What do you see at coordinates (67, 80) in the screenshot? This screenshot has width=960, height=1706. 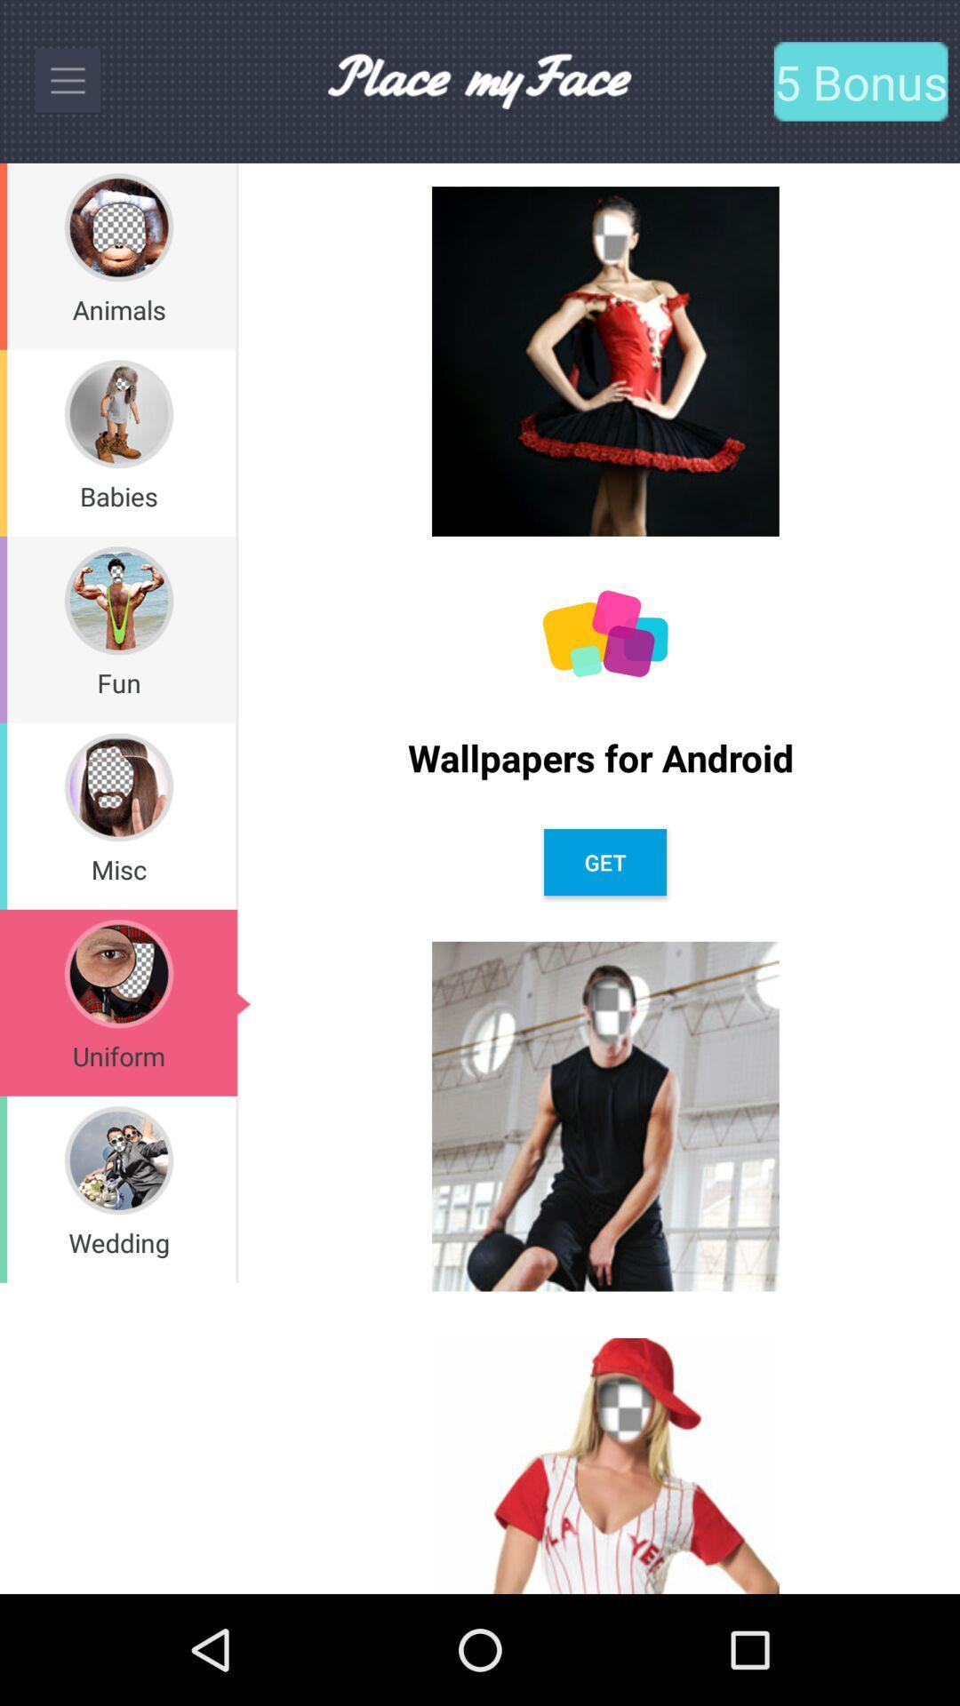 I see `the home button at top left` at bounding box center [67, 80].